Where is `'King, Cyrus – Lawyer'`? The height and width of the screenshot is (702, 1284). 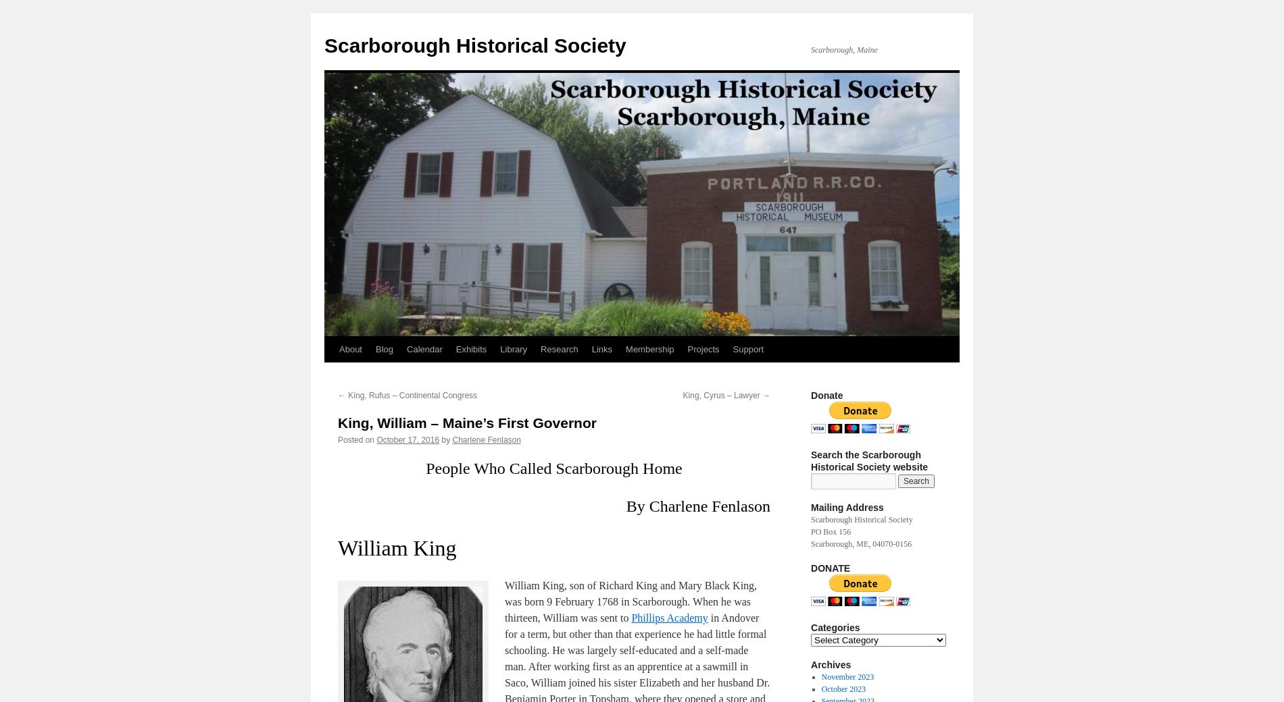 'King, Cyrus – Lawyer' is located at coordinates (722, 395).